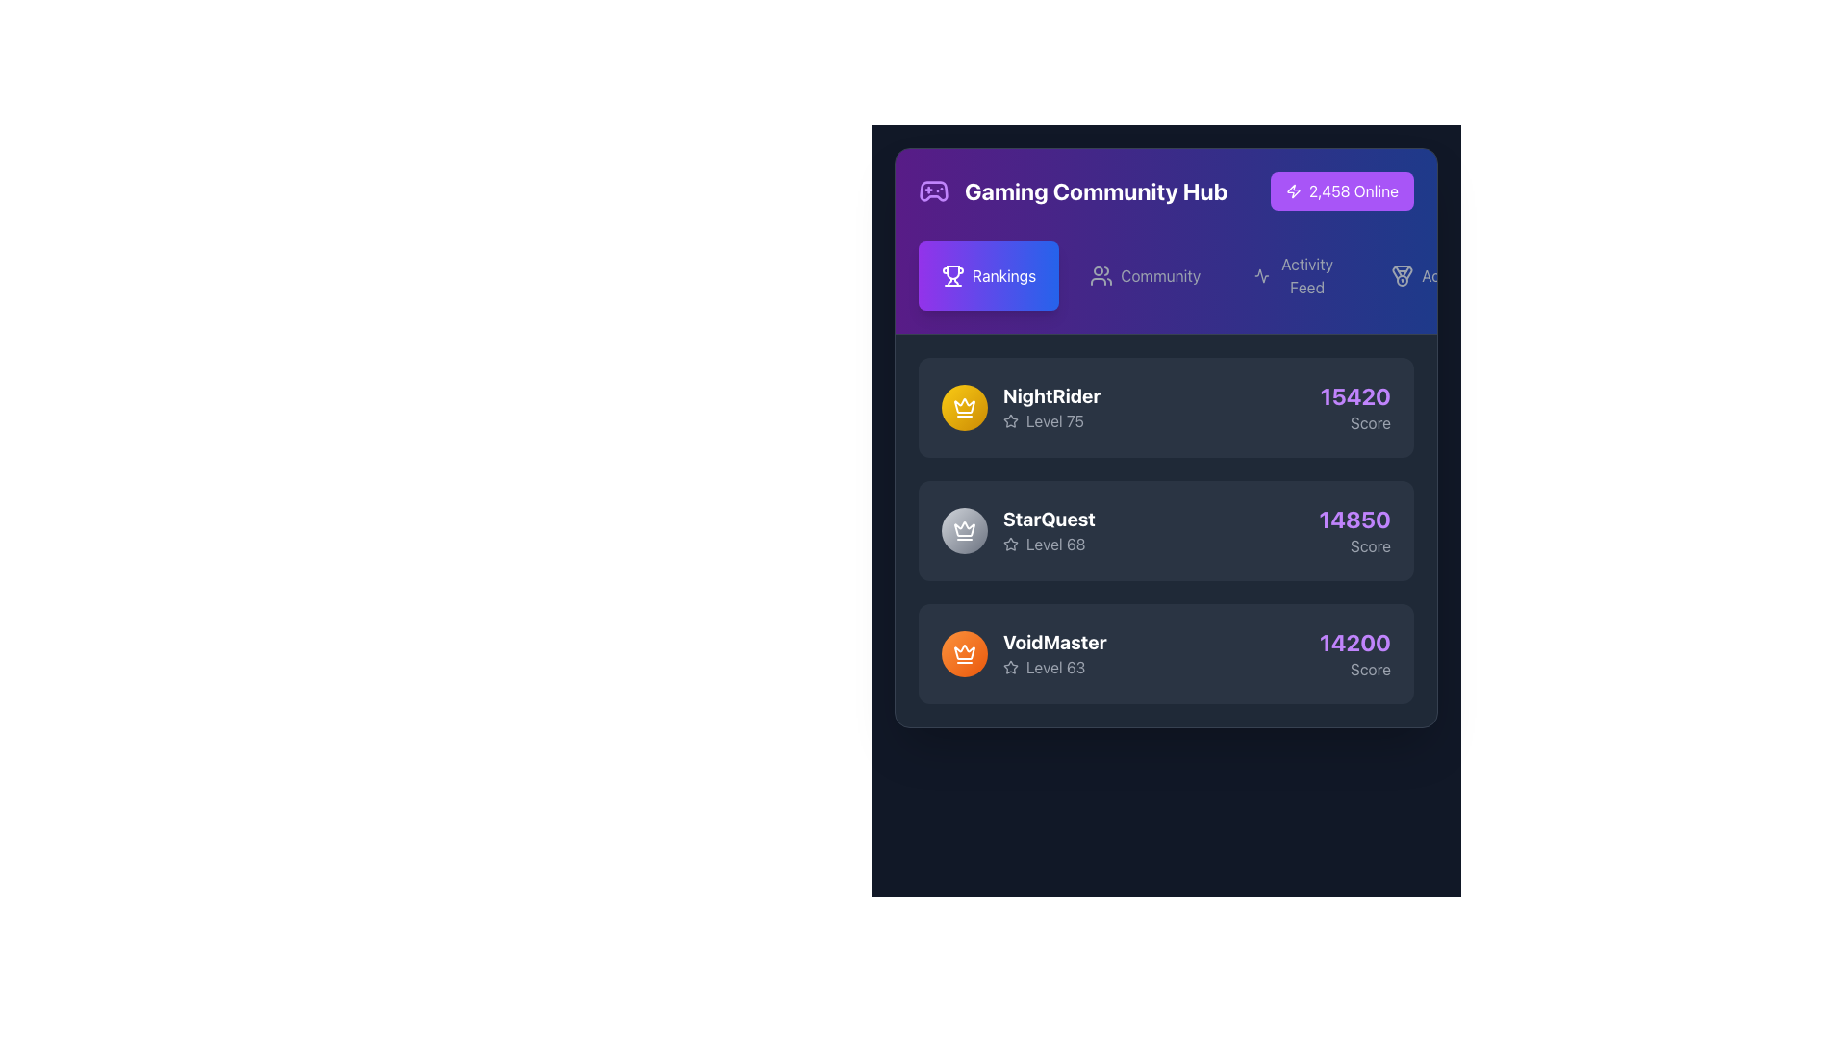  What do you see at coordinates (965, 529) in the screenshot?
I see `the crown icon next to the username 'VoidMaster' to interact with the ranking indicator` at bounding box center [965, 529].